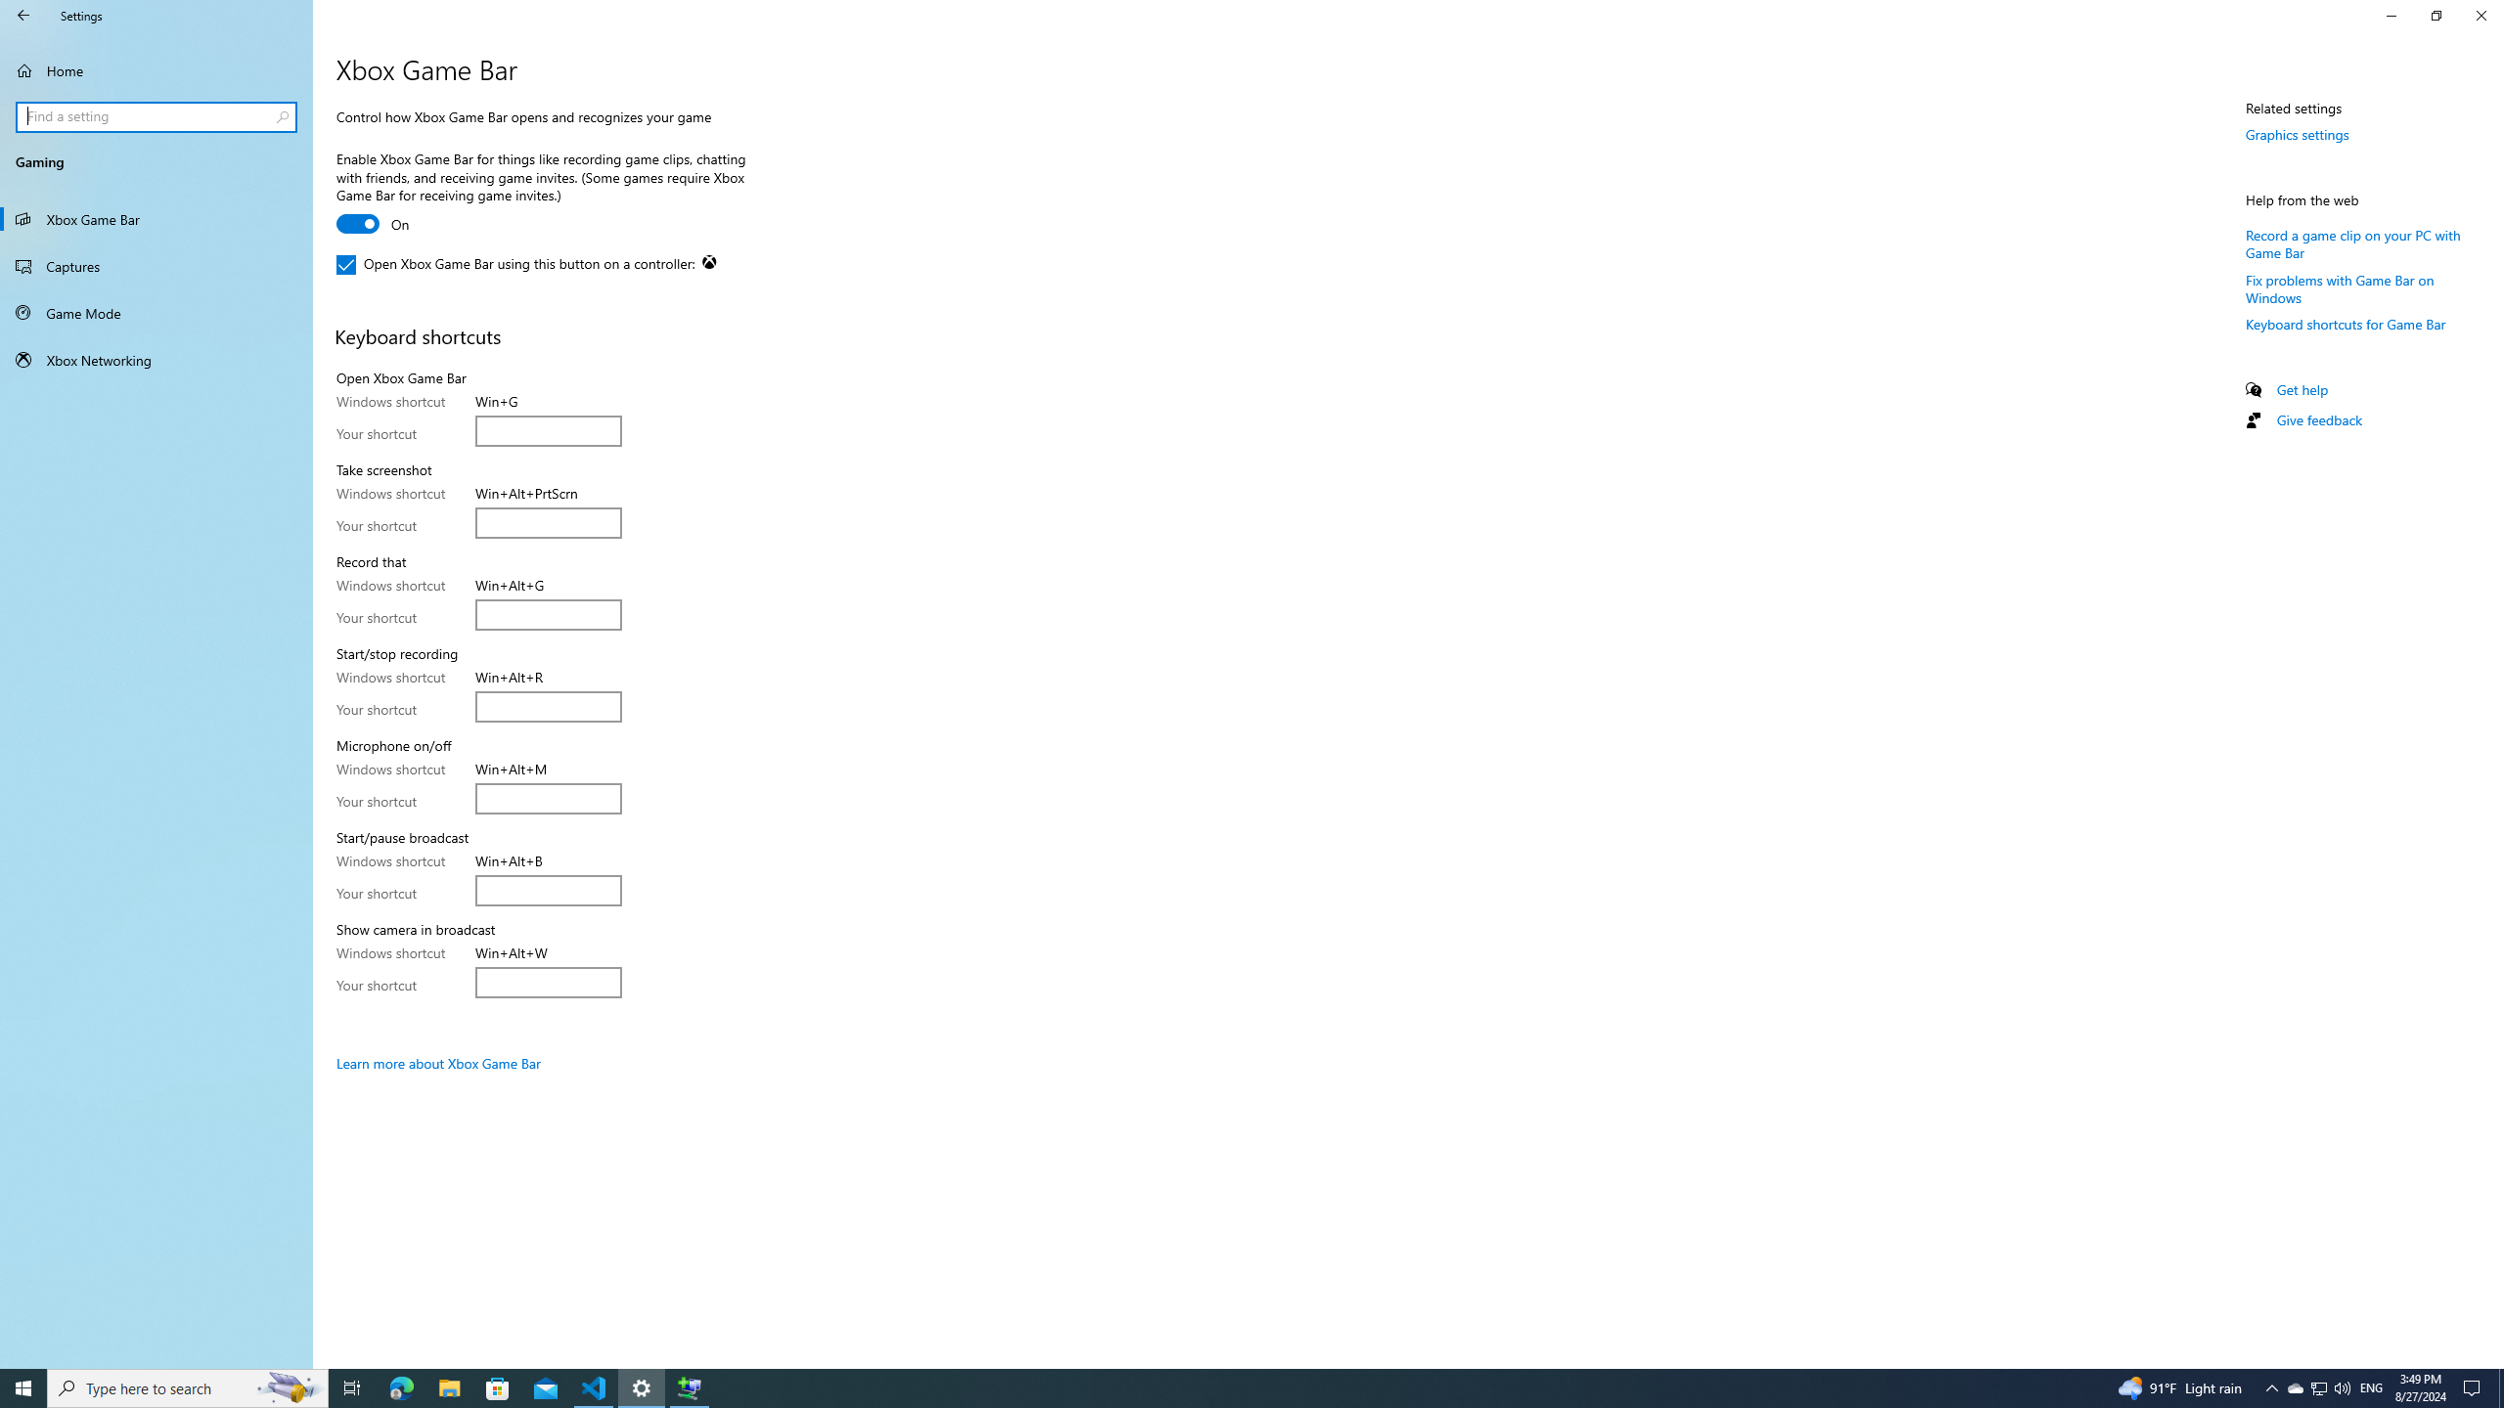 Image resolution: width=2504 pixels, height=1408 pixels. What do you see at coordinates (438, 1063) in the screenshot?
I see `'Learn more about Xbox Game Bar'` at bounding box center [438, 1063].